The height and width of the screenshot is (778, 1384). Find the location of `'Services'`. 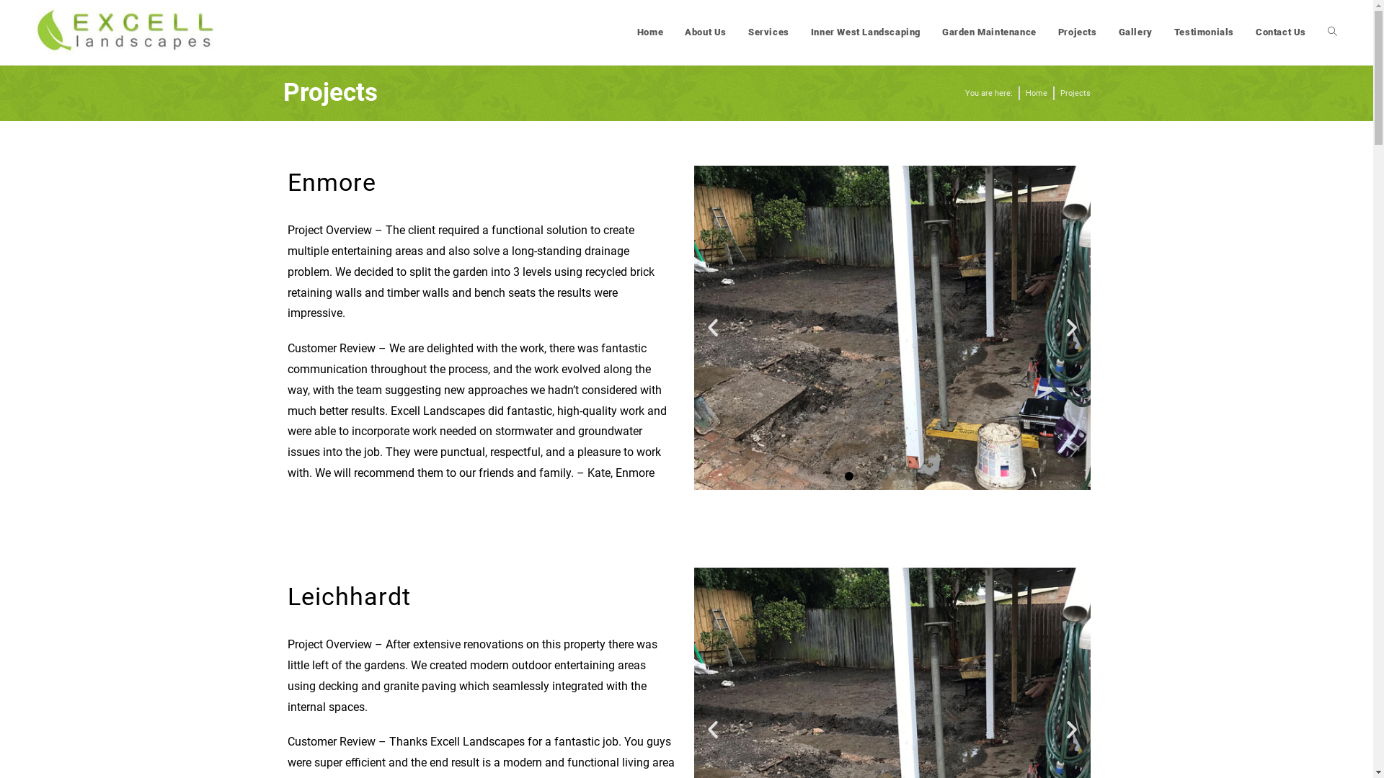

'Services' is located at coordinates (768, 32).